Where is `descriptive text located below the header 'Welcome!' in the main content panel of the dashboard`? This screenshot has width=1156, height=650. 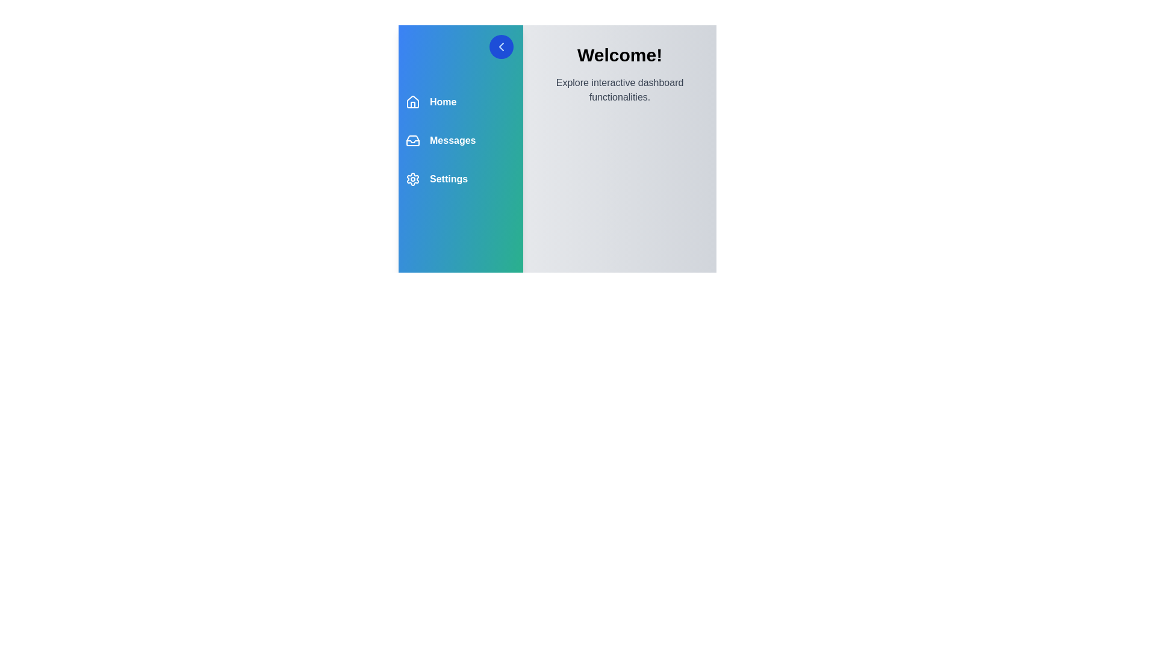 descriptive text located below the header 'Welcome!' in the main content panel of the dashboard is located at coordinates (620, 90).